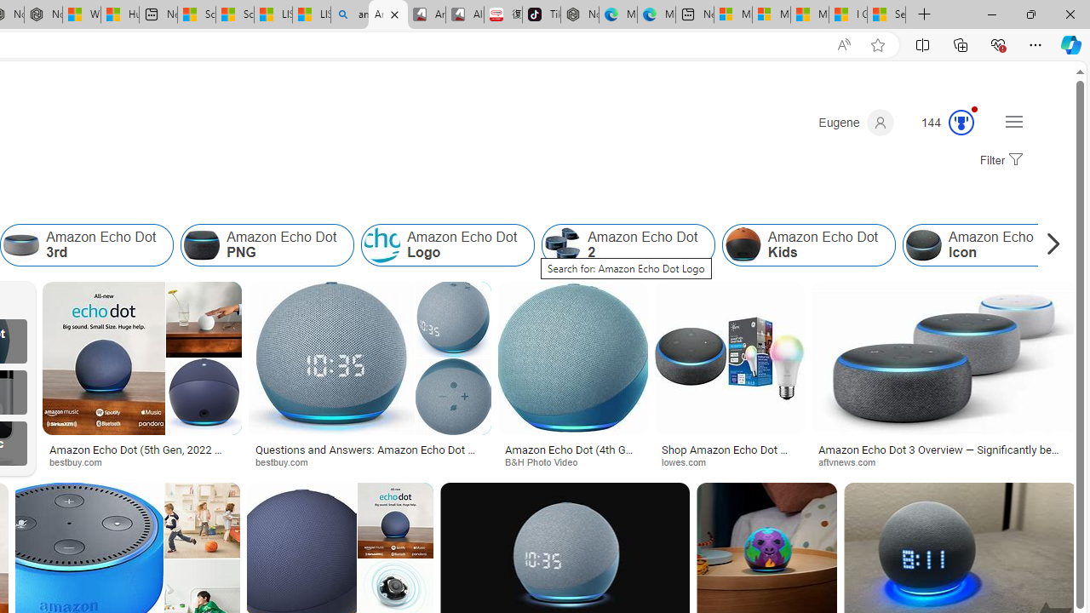 Image resolution: width=1090 pixels, height=613 pixels. What do you see at coordinates (690, 461) in the screenshot?
I see `'lowes.com'` at bounding box center [690, 461].